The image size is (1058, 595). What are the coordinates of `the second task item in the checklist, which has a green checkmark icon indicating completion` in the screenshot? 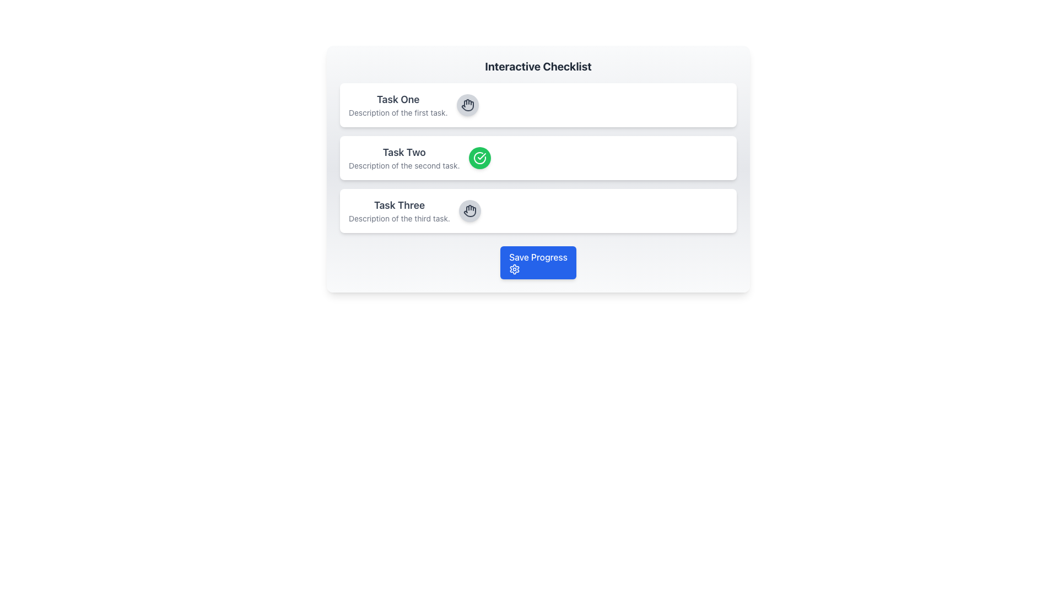 It's located at (538, 158).